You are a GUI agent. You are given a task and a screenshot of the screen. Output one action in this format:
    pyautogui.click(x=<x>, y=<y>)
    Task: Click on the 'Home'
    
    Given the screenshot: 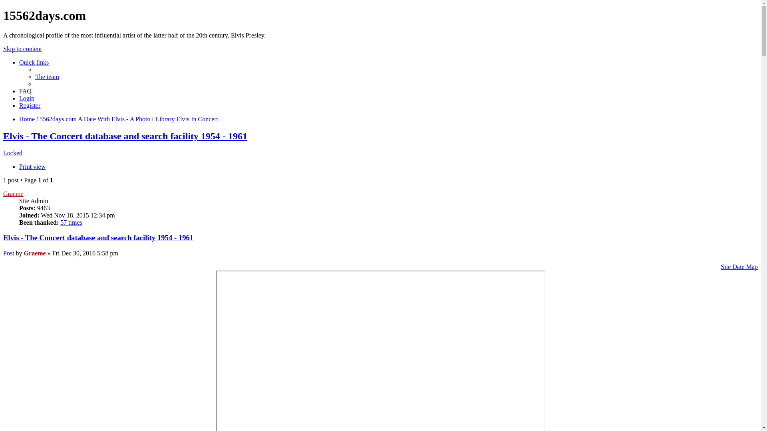 What is the action you would take?
    pyautogui.click(x=27, y=119)
    